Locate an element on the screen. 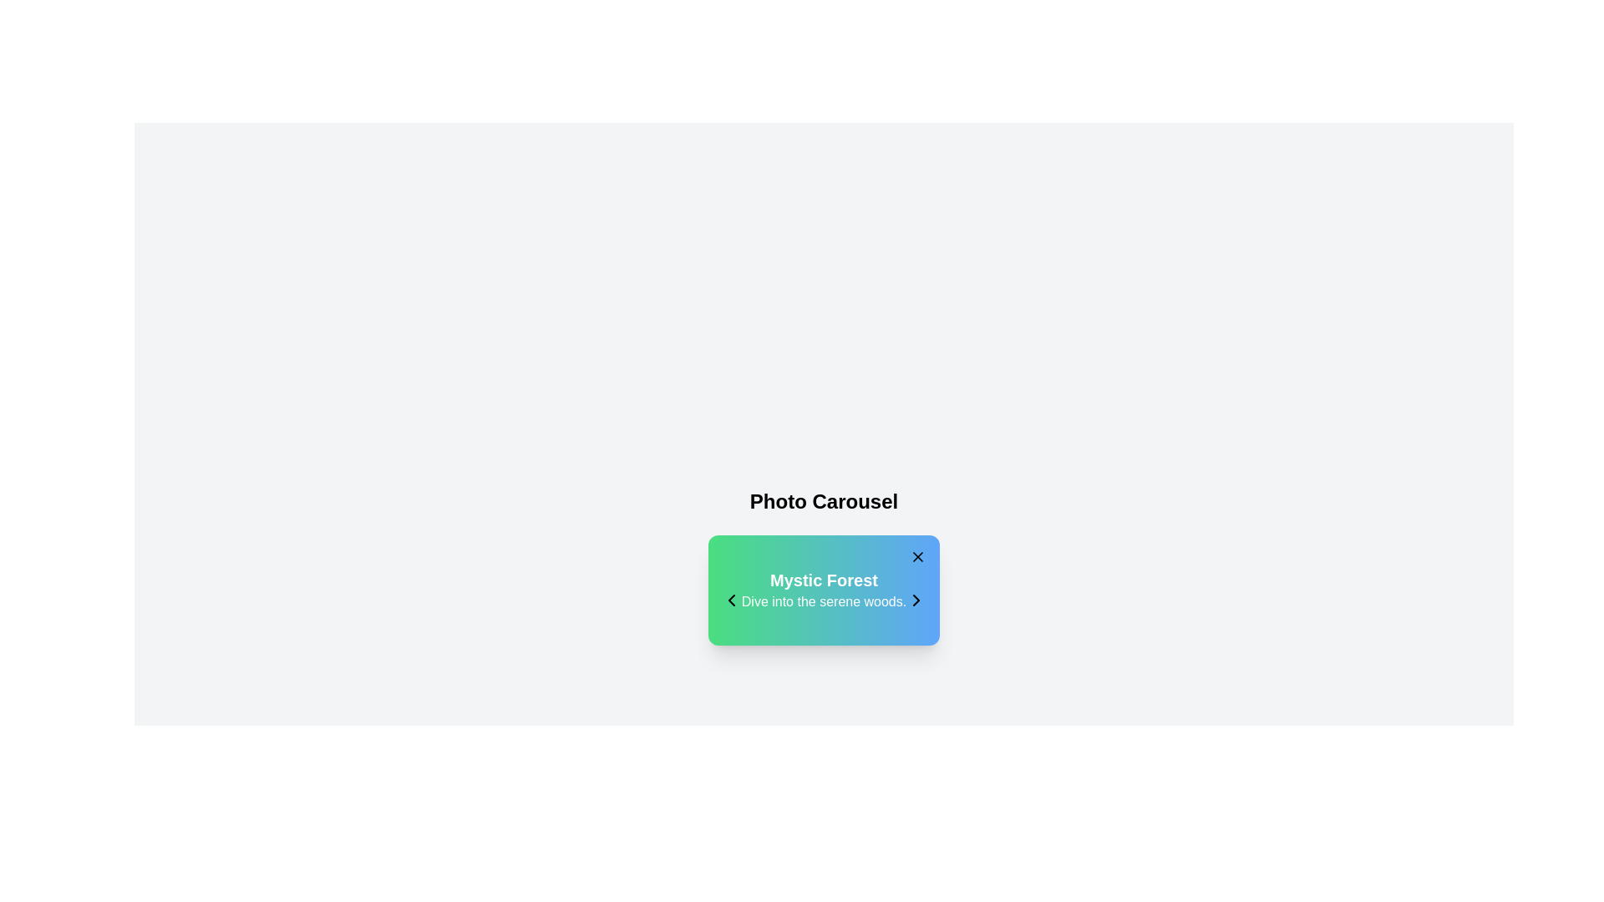  the close button located at the top-right corner of the card displaying the text 'Mystic Forest' is located at coordinates (917, 557).